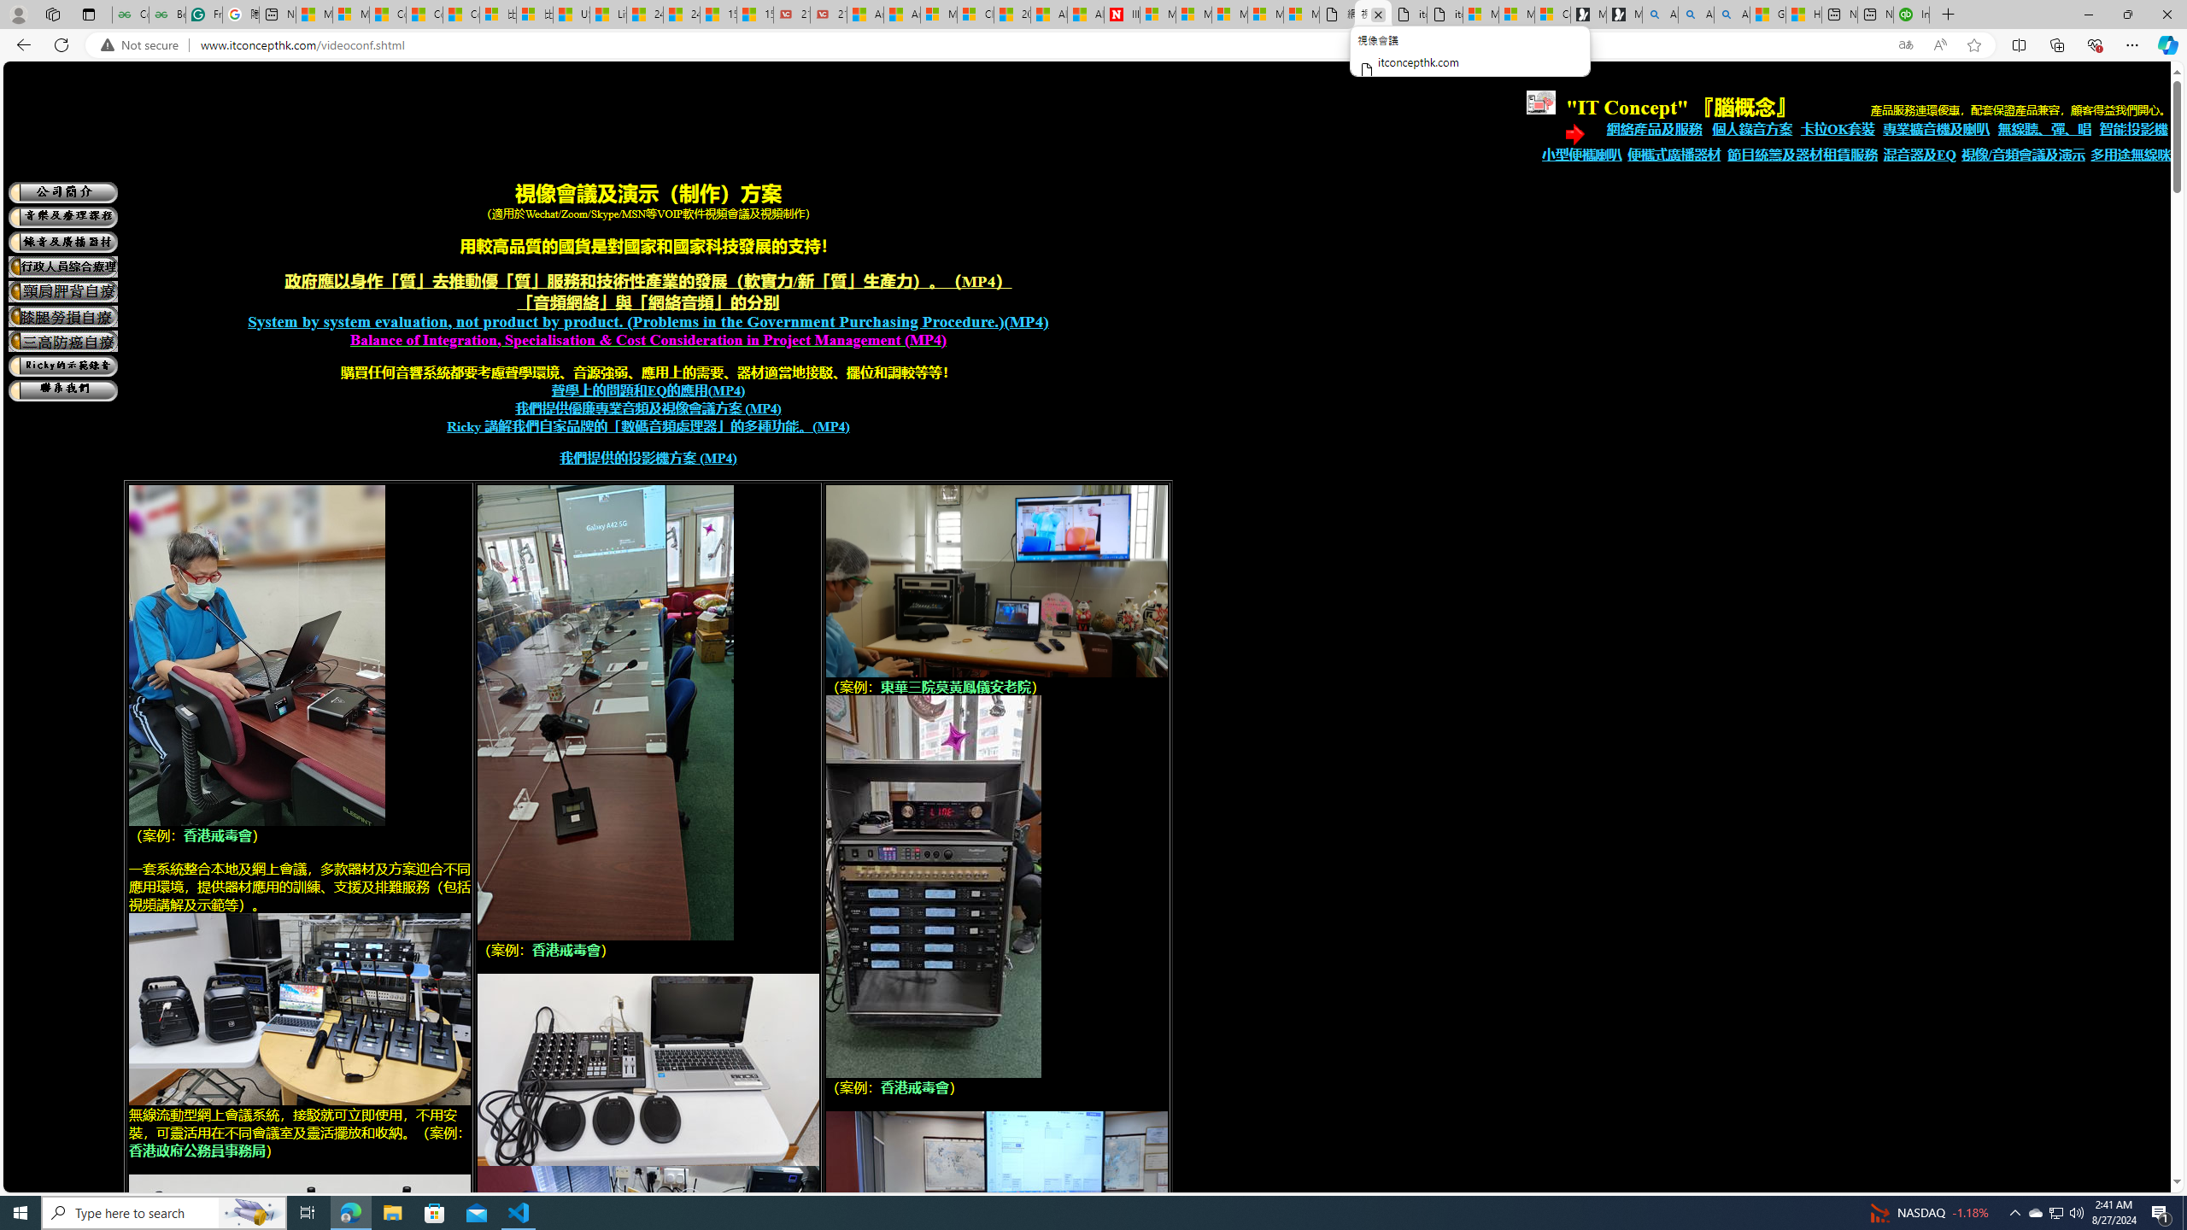 This screenshot has height=1230, width=2187. What do you see at coordinates (1731, 14) in the screenshot?
I see `'Alabama high school quarterback dies - Search Videos'` at bounding box center [1731, 14].